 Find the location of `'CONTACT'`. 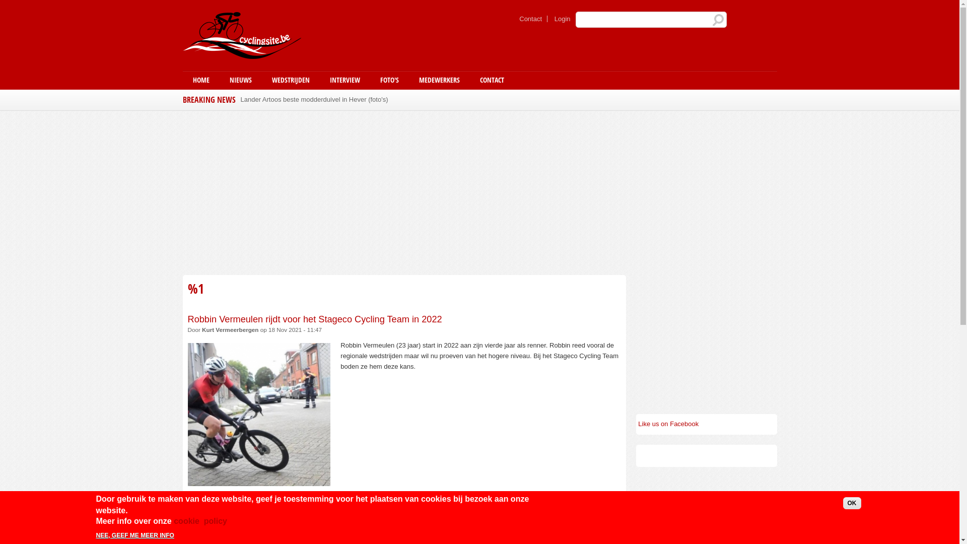

'CONTACT' is located at coordinates (491, 80).